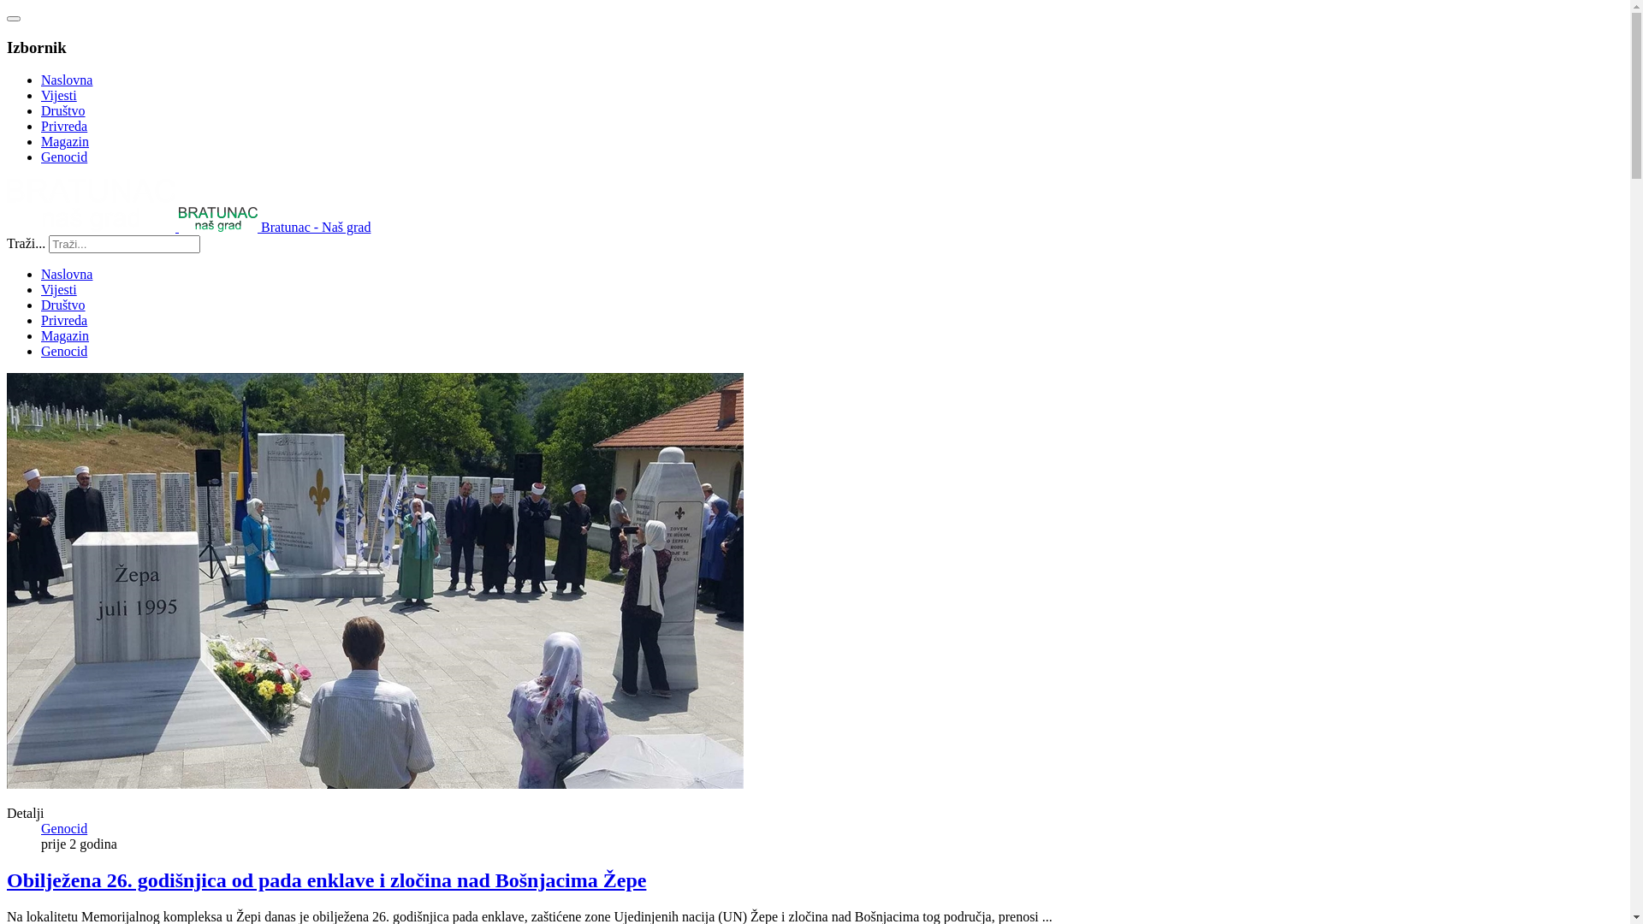 This screenshot has width=1643, height=924. What do you see at coordinates (41, 350) in the screenshot?
I see `'Genocid'` at bounding box center [41, 350].